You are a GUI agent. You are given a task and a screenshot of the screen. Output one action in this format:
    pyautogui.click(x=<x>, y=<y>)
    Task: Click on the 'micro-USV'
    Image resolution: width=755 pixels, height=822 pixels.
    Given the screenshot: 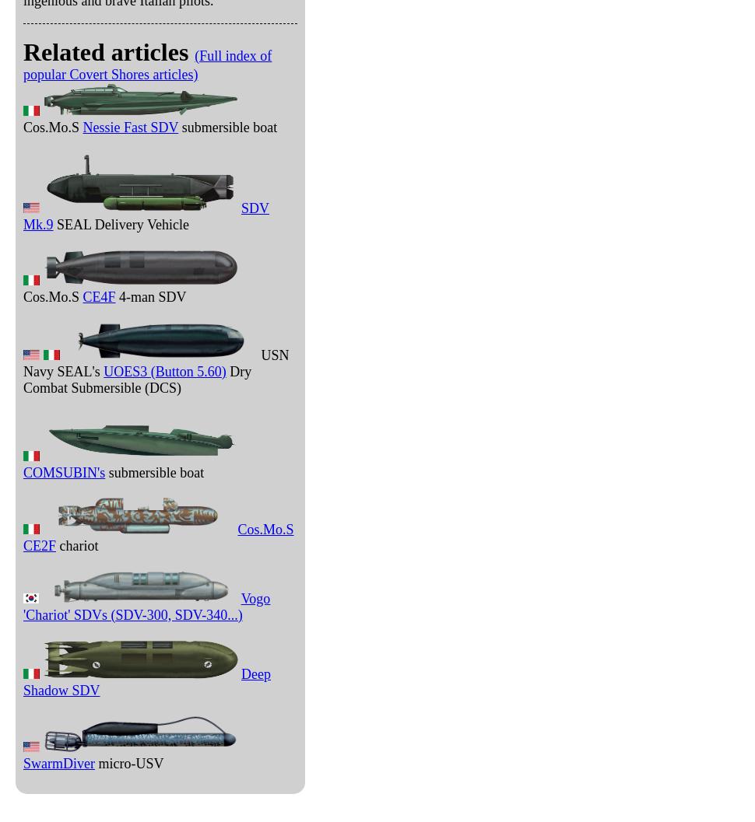 What is the action you would take?
    pyautogui.click(x=128, y=763)
    